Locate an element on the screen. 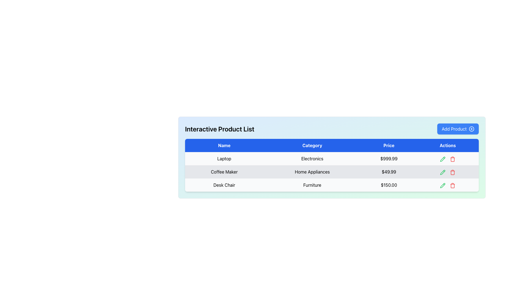 The width and height of the screenshot is (528, 297). the green pencil-shaped edit icon located in the last row of the Actions column is located at coordinates (443, 185).